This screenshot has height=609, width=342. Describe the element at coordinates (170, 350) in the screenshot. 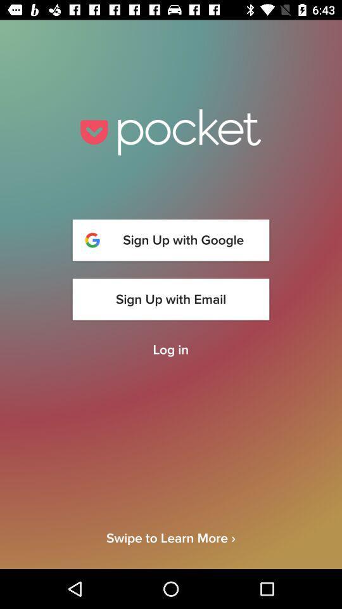

I see `the log in` at that location.